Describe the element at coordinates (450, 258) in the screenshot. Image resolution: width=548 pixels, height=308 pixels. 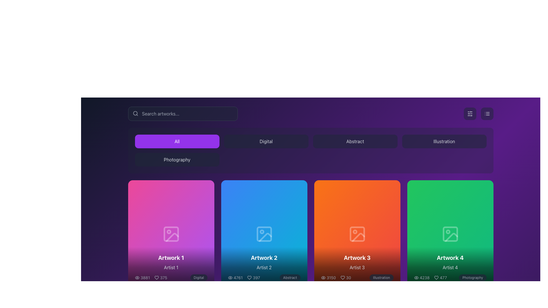
I see `the text label displaying 'Artwork 4' located on the green card in the fourth position from the left, which provides quick identification for users browsing the interface` at that location.